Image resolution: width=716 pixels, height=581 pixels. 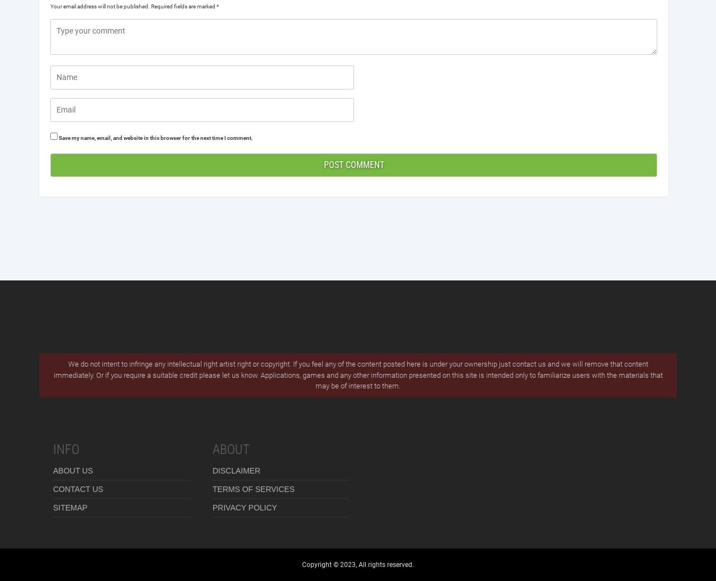 I want to click on 'INFO', so click(x=52, y=448).